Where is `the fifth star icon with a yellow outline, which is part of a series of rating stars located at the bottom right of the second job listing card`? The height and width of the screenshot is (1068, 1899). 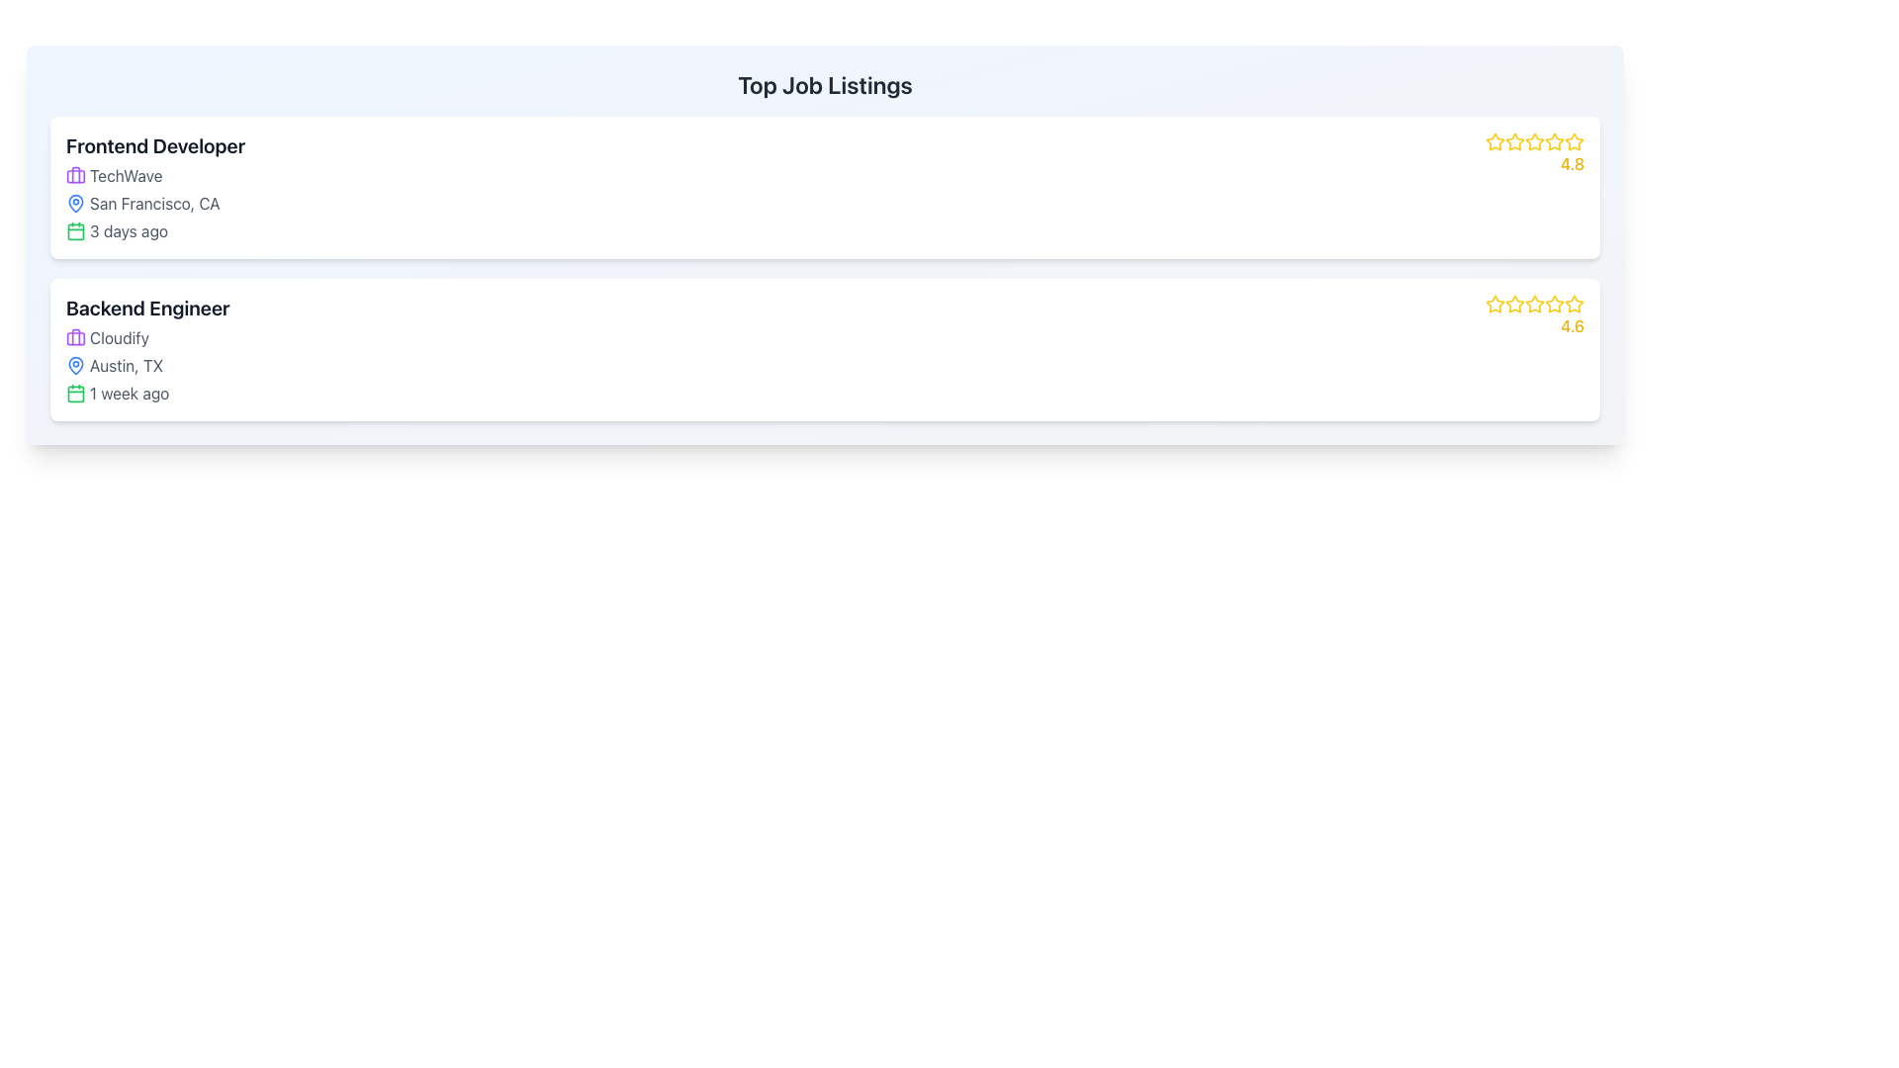
the fifth star icon with a yellow outline, which is part of a series of rating stars located at the bottom right of the second job listing card is located at coordinates (1553, 305).